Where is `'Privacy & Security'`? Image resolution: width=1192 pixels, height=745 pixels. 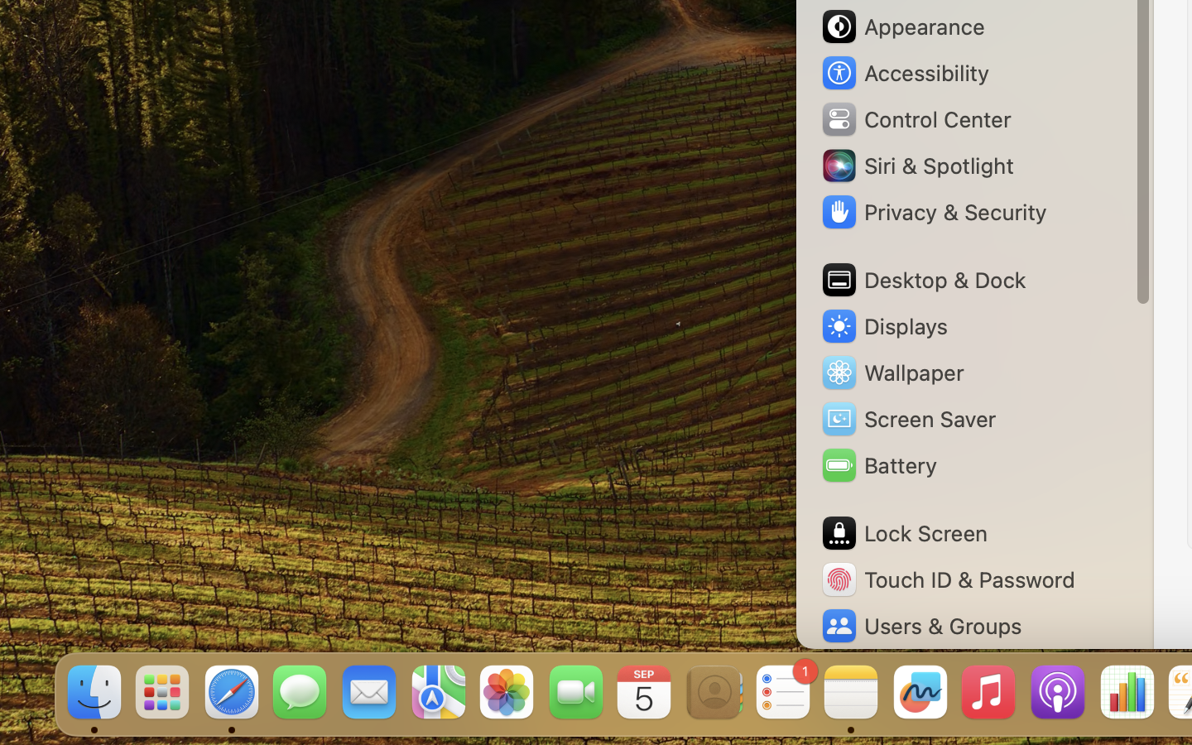
'Privacy & Security' is located at coordinates (931, 210).